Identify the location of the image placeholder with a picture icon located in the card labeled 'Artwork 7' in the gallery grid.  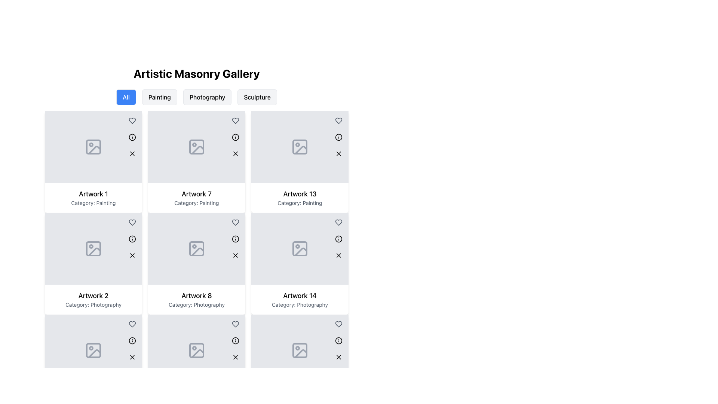
(197, 147).